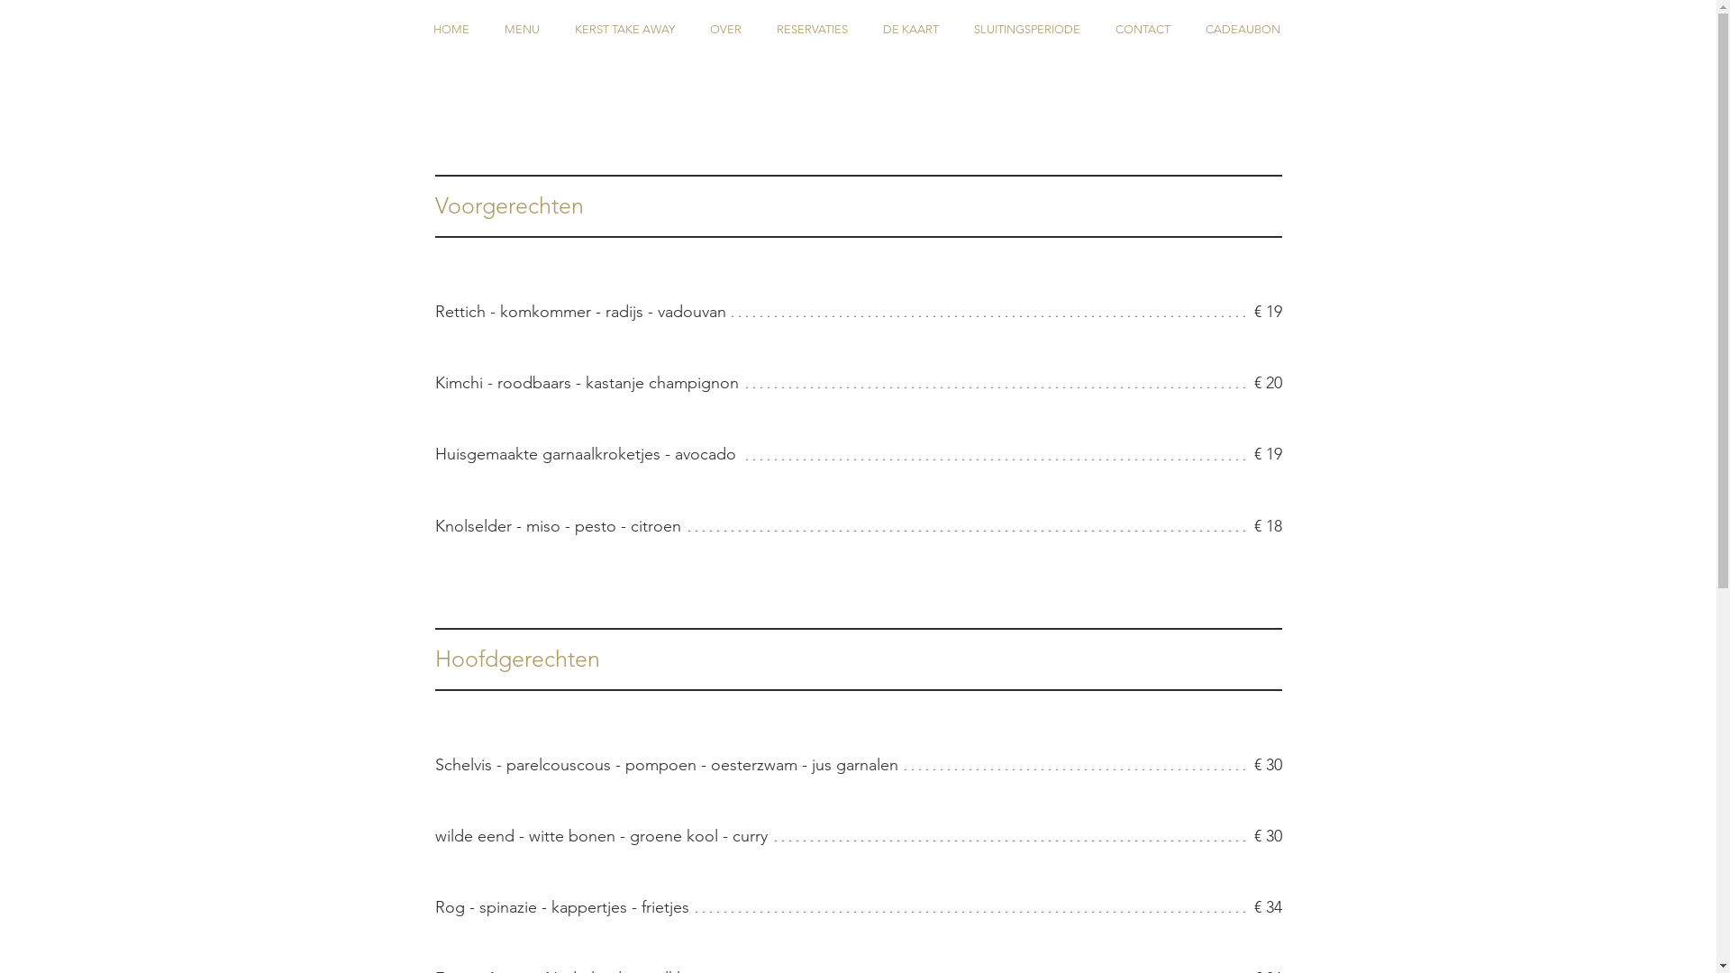 This screenshot has width=1730, height=973. I want to click on 'KERST TAKE AWAY', so click(624, 29).